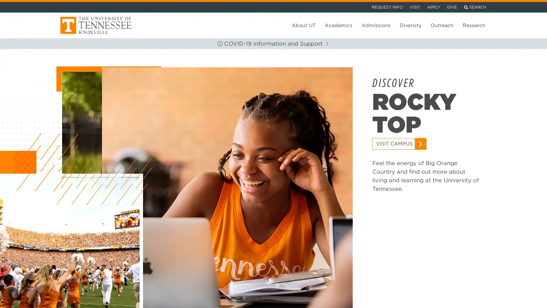 This screenshot has width=547, height=308. What do you see at coordinates (475, 6) in the screenshot?
I see `Toggle search` at bounding box center [475, 6].